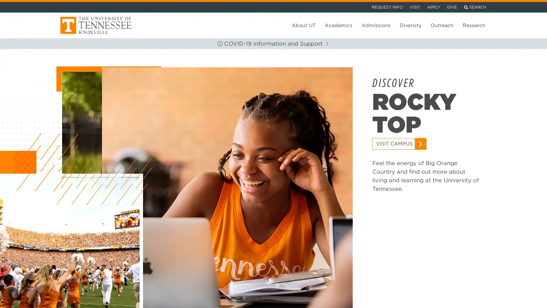 This screenshot has width=547, height=308. What do you see at coordinates (475, 6) in the screenshot?
I see `Toggle search` at bounding box center [475, 6].